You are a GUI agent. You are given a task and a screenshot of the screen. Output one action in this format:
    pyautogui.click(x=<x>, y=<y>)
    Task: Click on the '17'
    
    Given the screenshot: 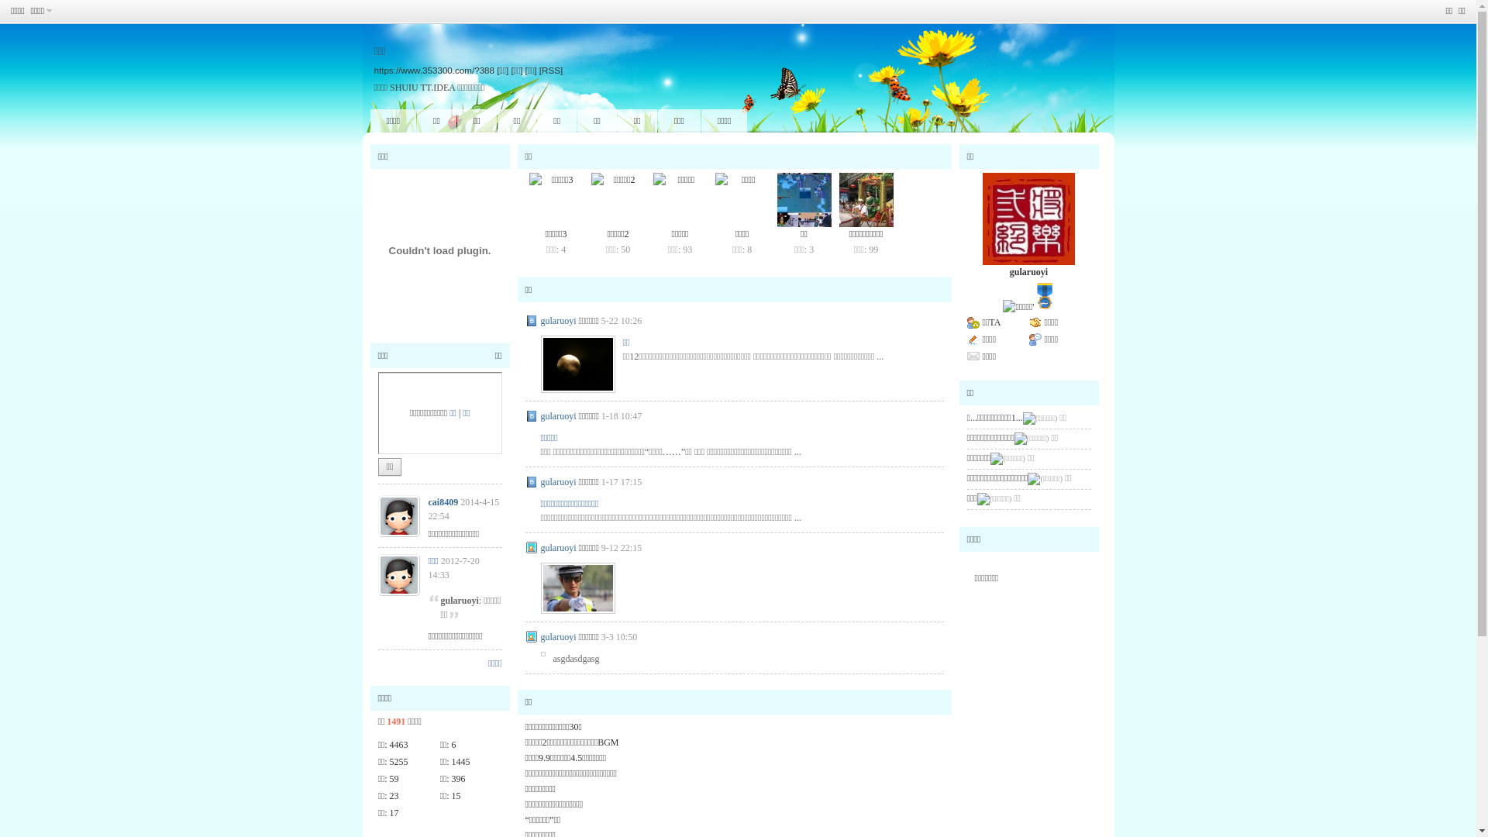 What is the action you would take?
    pyautogui.click(x=394, y=812)
    